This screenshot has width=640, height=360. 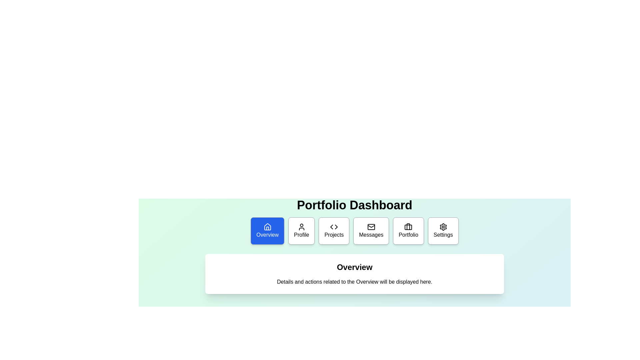 What do you see at coordinates (267, 231) in the screenshot?
I see `the first button in the horizontal navigation bar` at bounding box center [267, 231].